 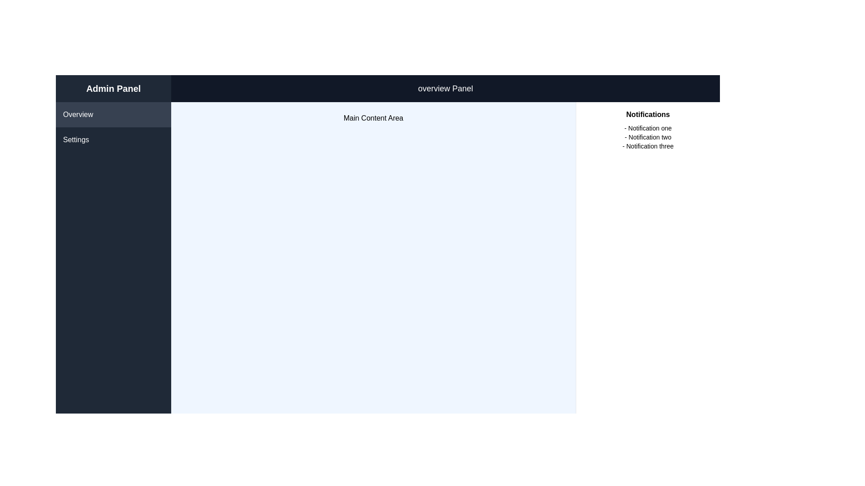 I want to click on the 'Admin Panel' static text label at the top of the vertical sidebar, which displays bold white text on a dark blue background, so click(x=113, y=88).